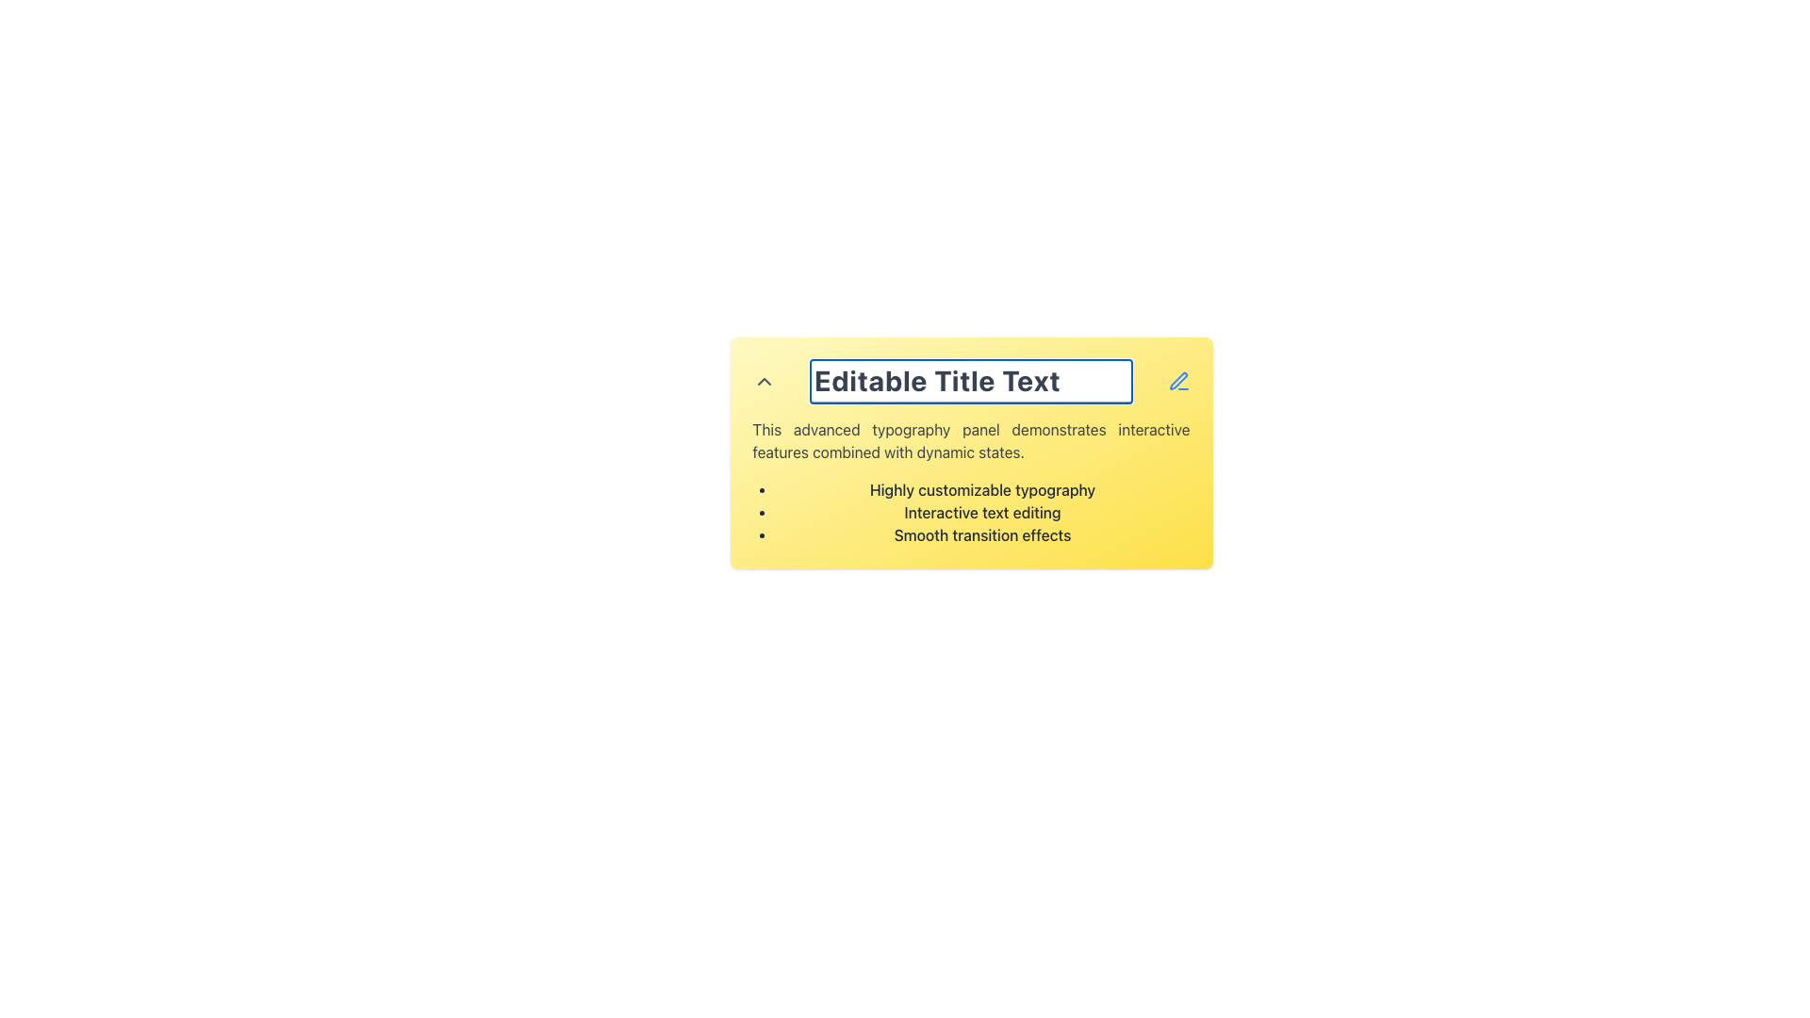  I want to click on the second text label in the list on the yellow panel, which describes a feature related to the context provided, positioned between 'Highly customizable typography' and 'Smooth transition effects', so click(981, 512).